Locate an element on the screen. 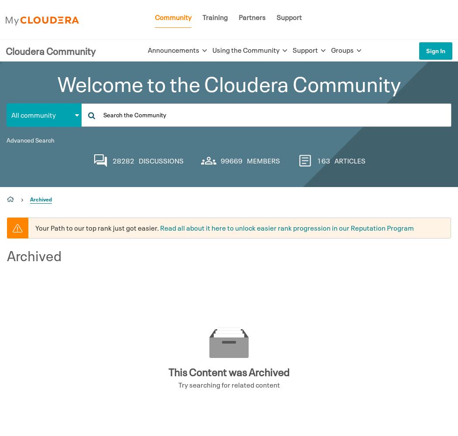  '28282' is located at coordinates (123, 160).